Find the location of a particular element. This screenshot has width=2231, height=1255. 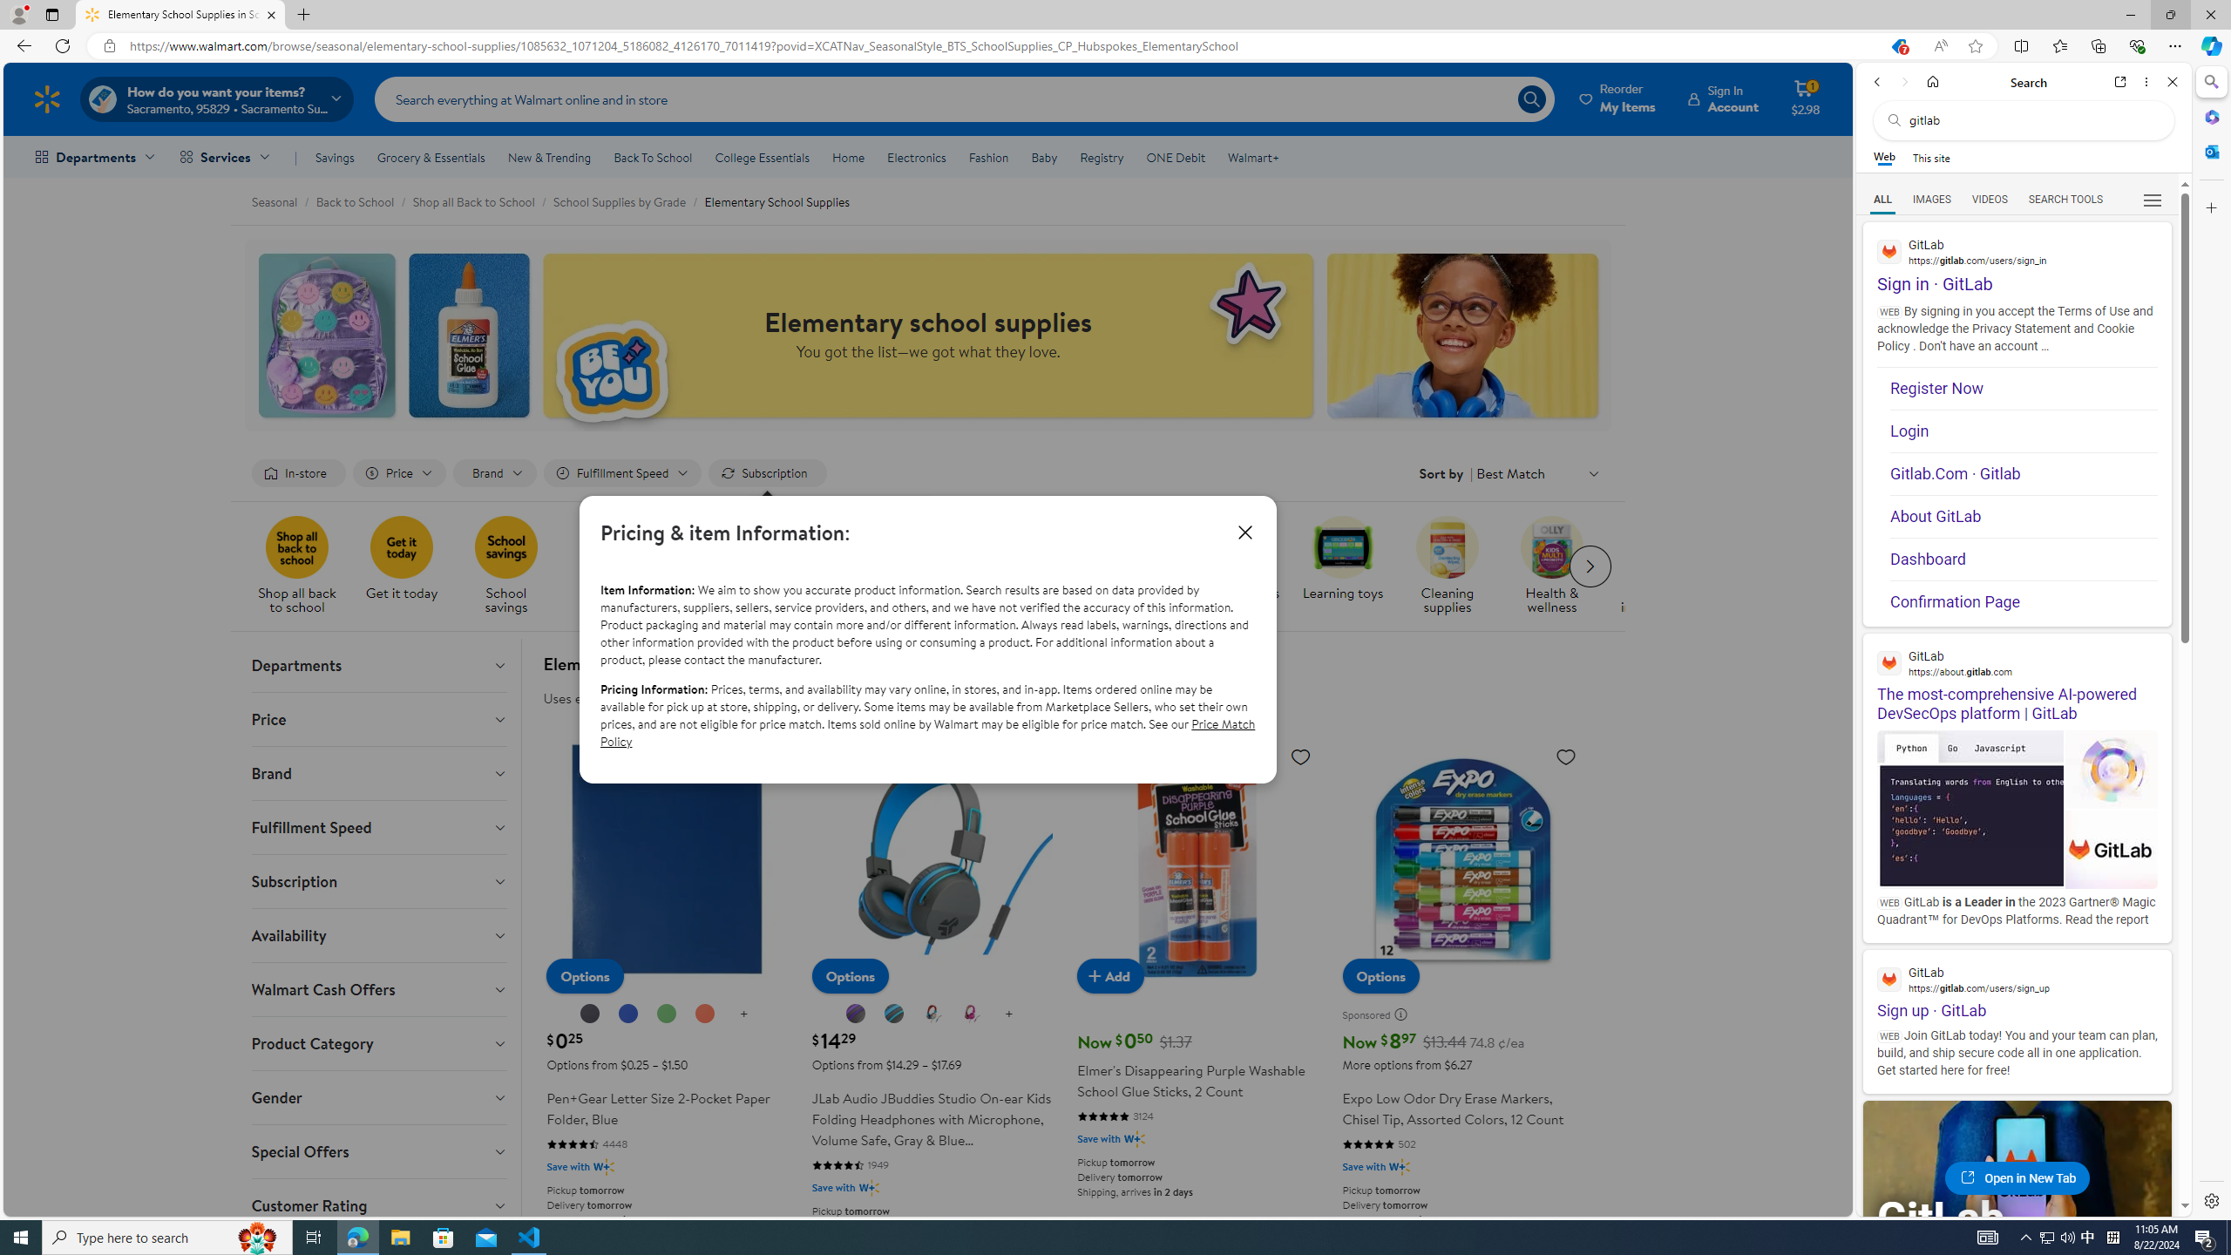

'Outlook' is located at coordinates (2209, 150).